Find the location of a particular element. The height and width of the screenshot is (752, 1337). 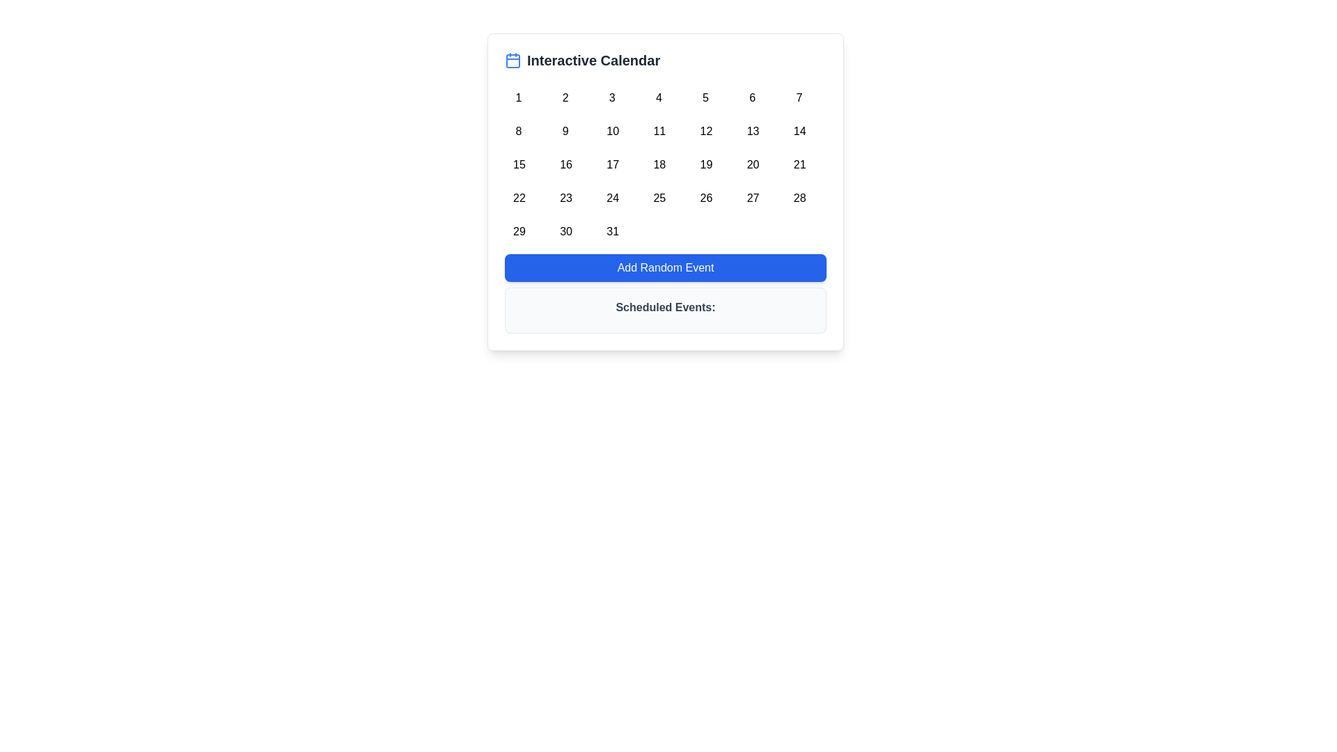

the square button displaying the number '7' in the grid-based calendar layout is located at coordinates (799, 95).